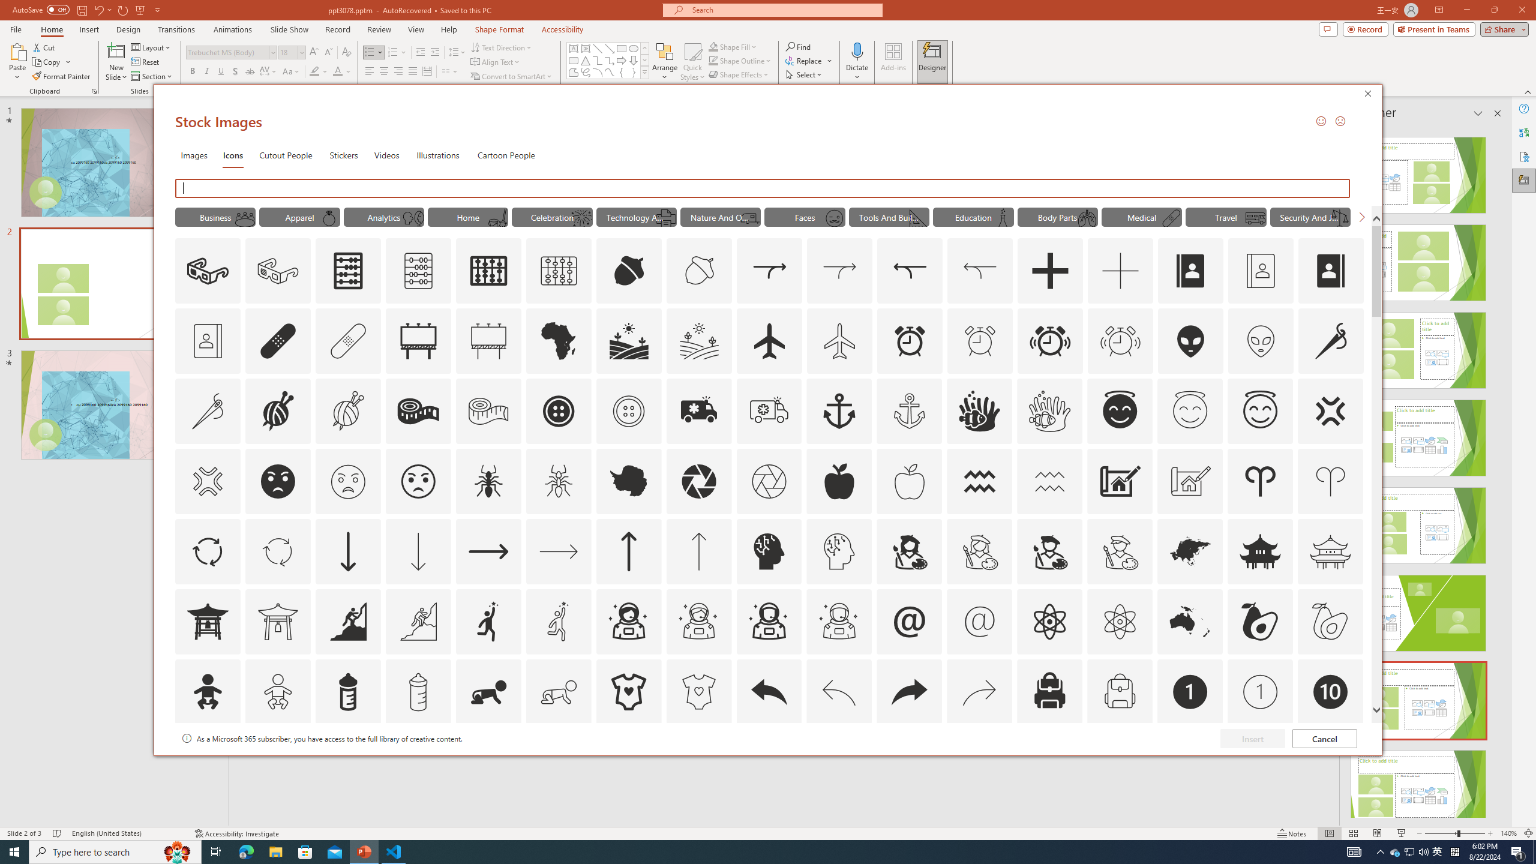  What do you see at coordinates (207, 411) in the screenshot?
I see `'AutomationID: Icons_AlterationsTailoring_M'` at bounding box center [207, 411].